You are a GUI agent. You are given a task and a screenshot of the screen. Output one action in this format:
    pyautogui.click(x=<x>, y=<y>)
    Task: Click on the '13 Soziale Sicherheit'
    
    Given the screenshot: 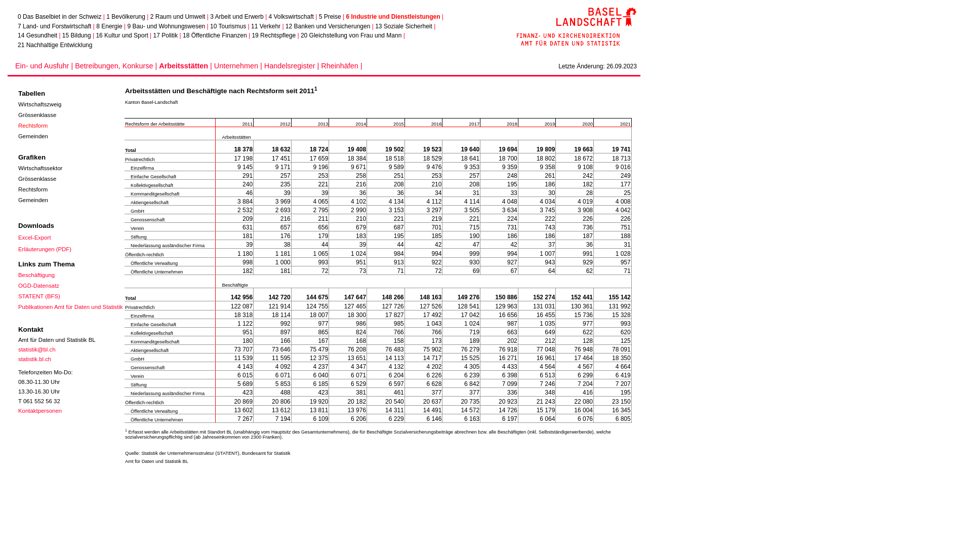 What is the action you would take?
    pyautogui.click(x=403, y=25)
    